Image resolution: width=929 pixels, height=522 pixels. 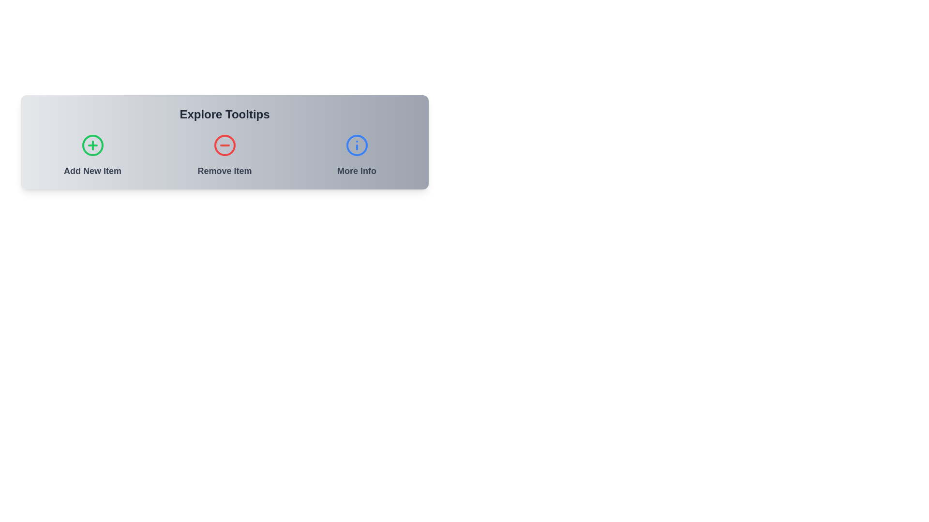 What do you see at coordinates (356, 155) in the screenshot?
I see `the circular blue icon with an 'i' symbol inside, positioned above the text 'More Info'` at bounding box center [356, 155].